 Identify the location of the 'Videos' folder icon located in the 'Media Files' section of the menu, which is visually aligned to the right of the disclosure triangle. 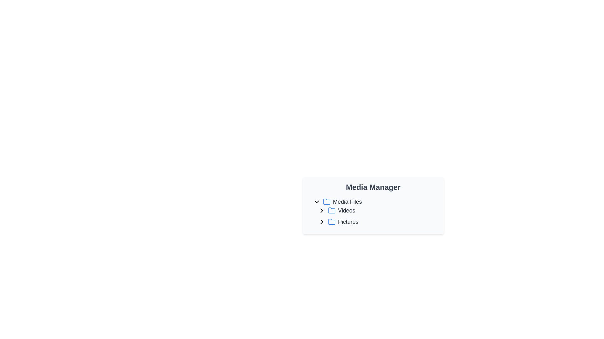
(331, 210).